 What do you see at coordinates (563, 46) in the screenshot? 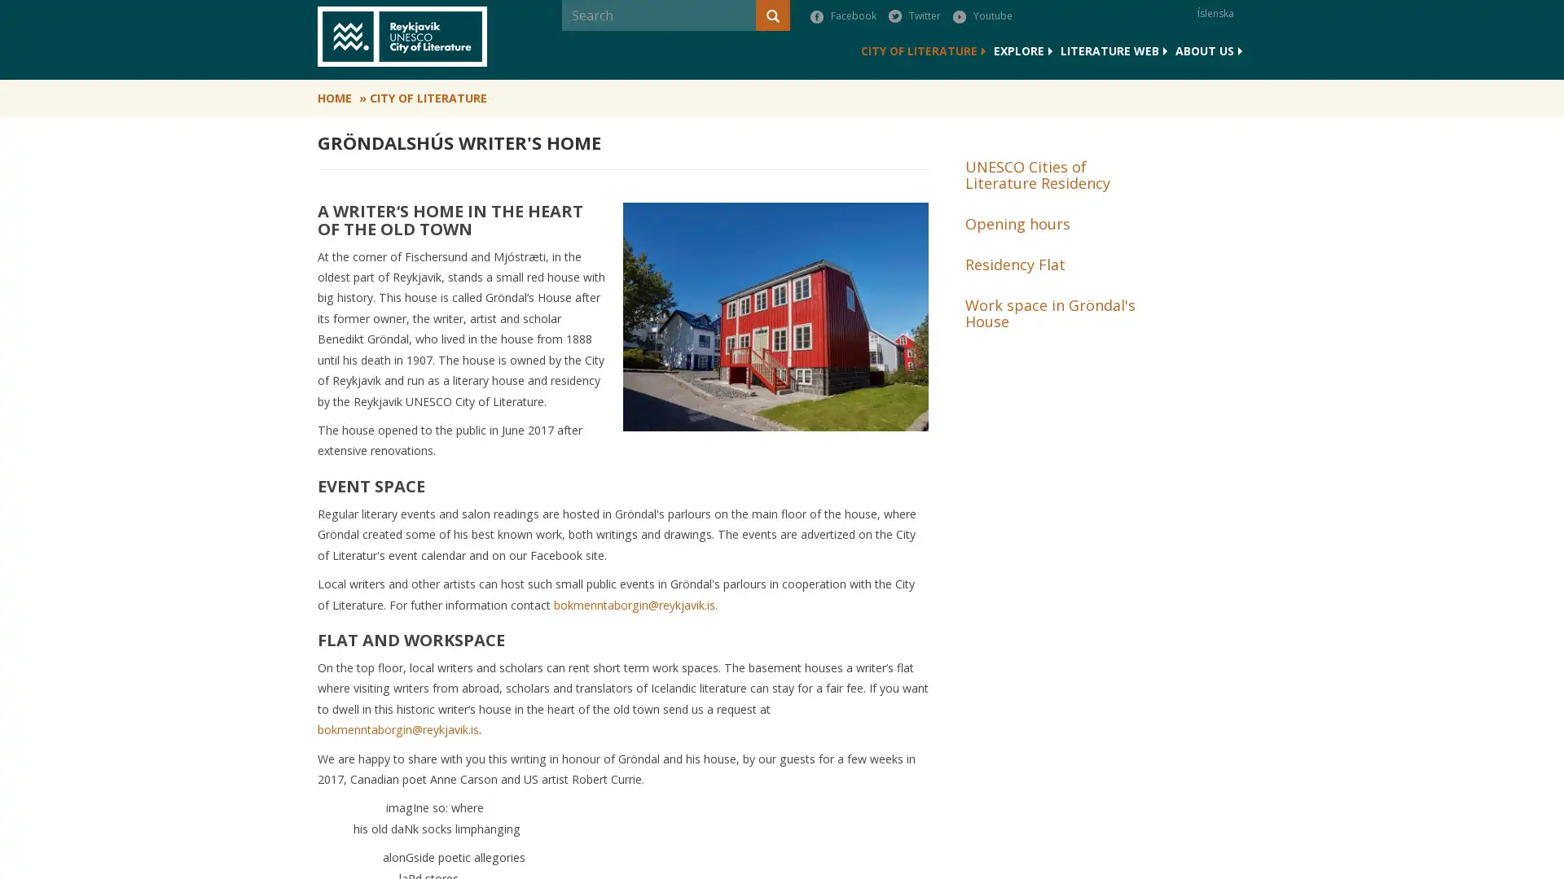
I see `Search` at bounding box center [563, 46].